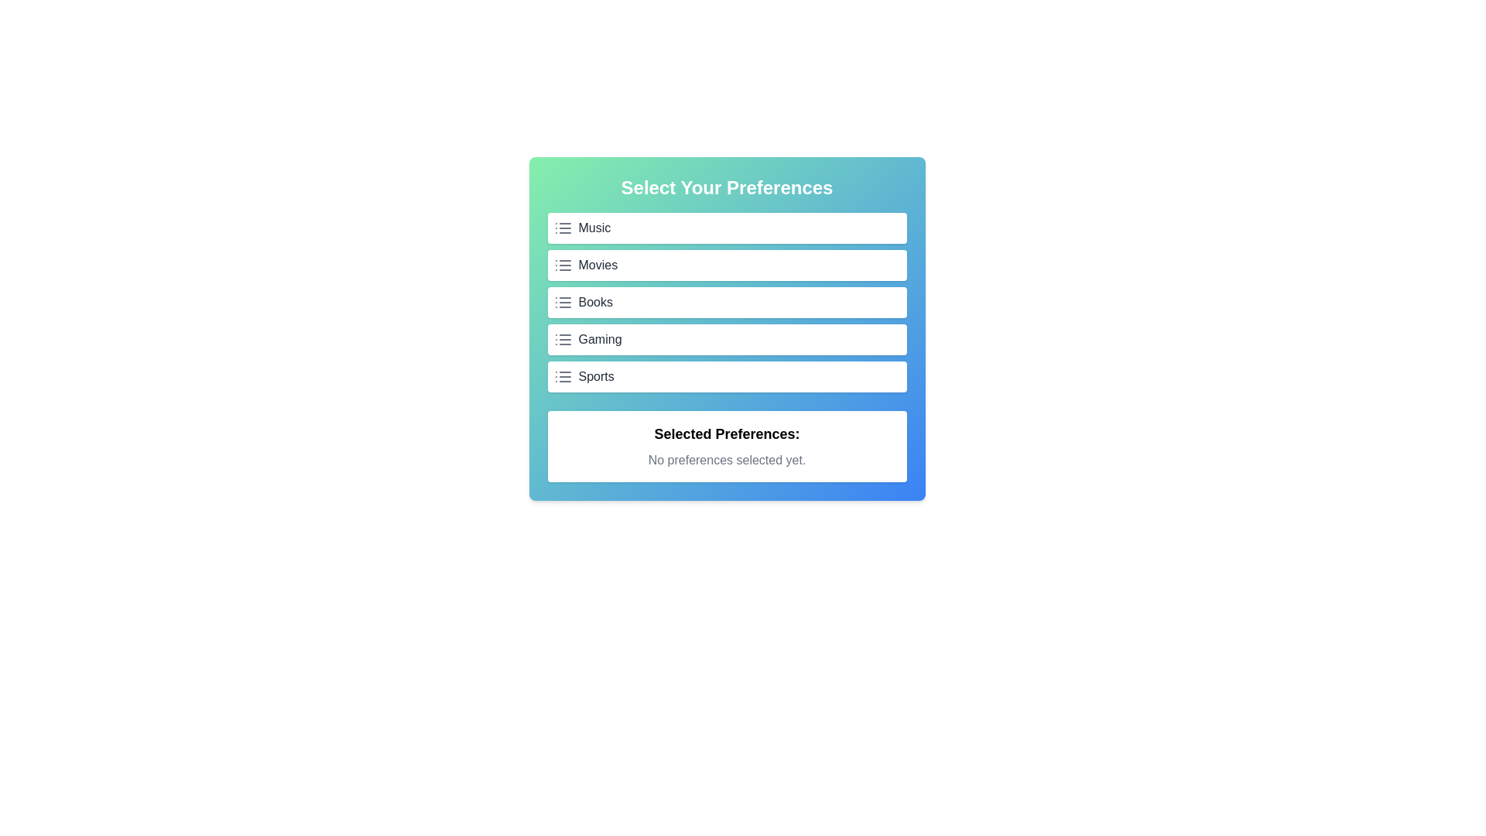 The width and height of the screenshot is (1486, 836). I want to click on the static text label that reads 'Selected Preferences:' which is styled in bold and large font, positioned at the bottom of a card-like section, so click(726, 433).